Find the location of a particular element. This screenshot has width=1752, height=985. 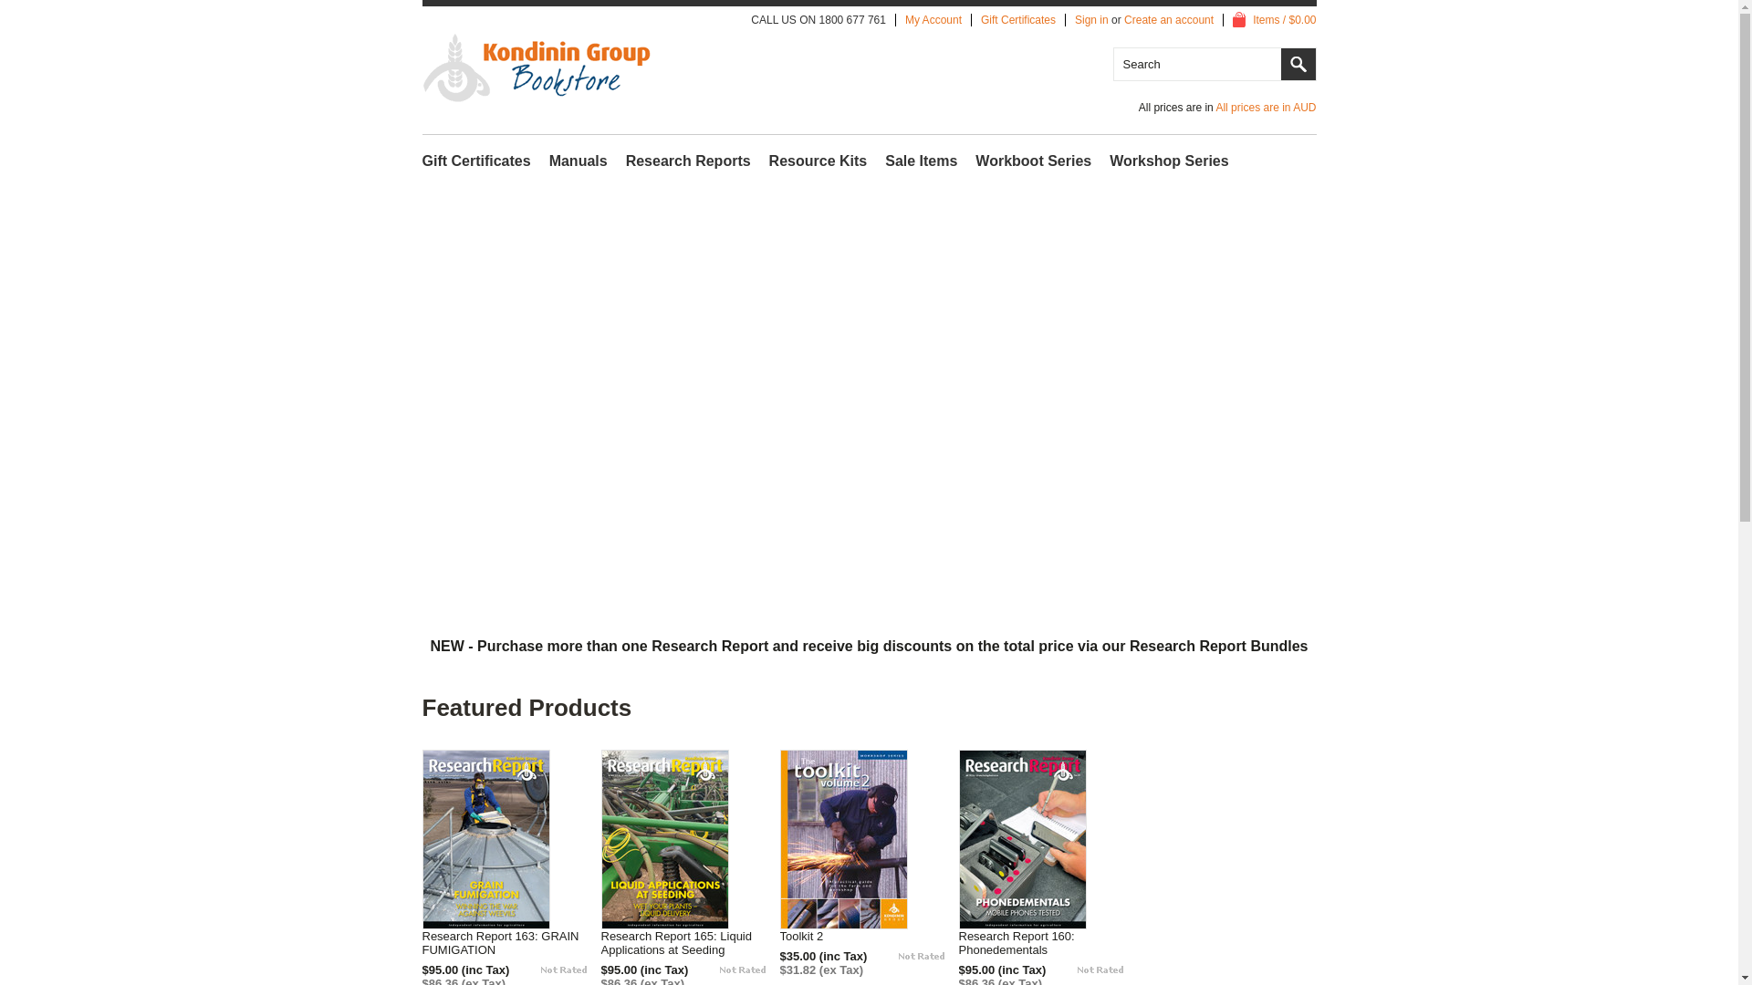

'Research Reports' is located at coordinates (626, 161).